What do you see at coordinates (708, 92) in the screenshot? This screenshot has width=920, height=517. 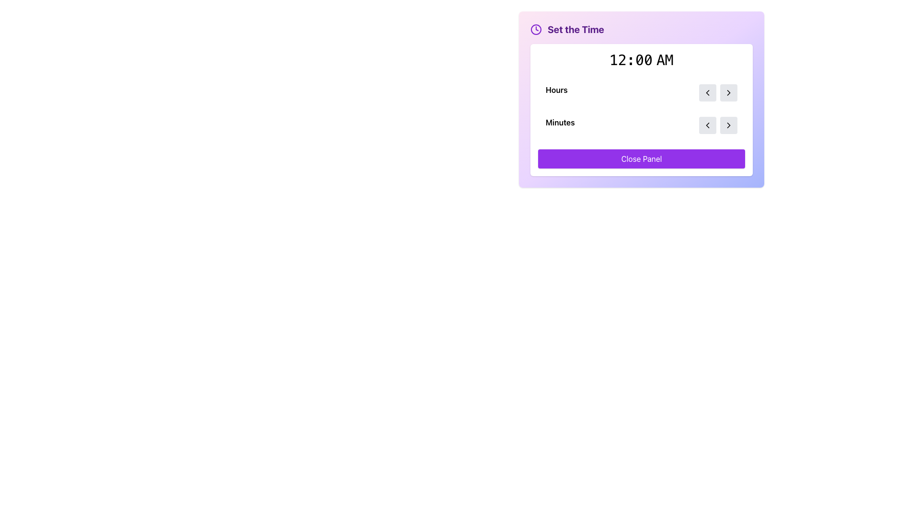 I see `the decrement hour icon button located at the top-right corner of the panel under the 'Hours' label, which is positioned to the left of the right-pointing chevron button` at bounding box center [708, 92].